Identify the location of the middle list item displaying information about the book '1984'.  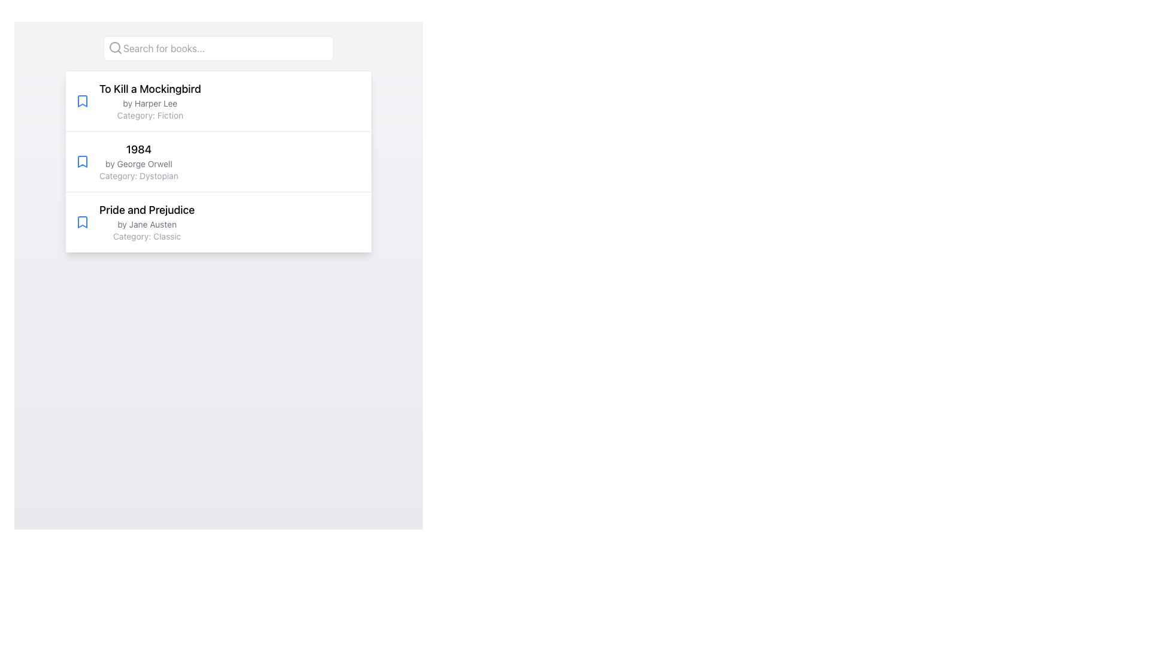
(218, 161).